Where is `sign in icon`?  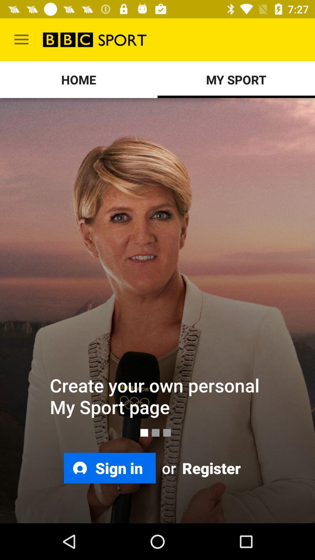 sign in icon is located at coordinates (110, 468).